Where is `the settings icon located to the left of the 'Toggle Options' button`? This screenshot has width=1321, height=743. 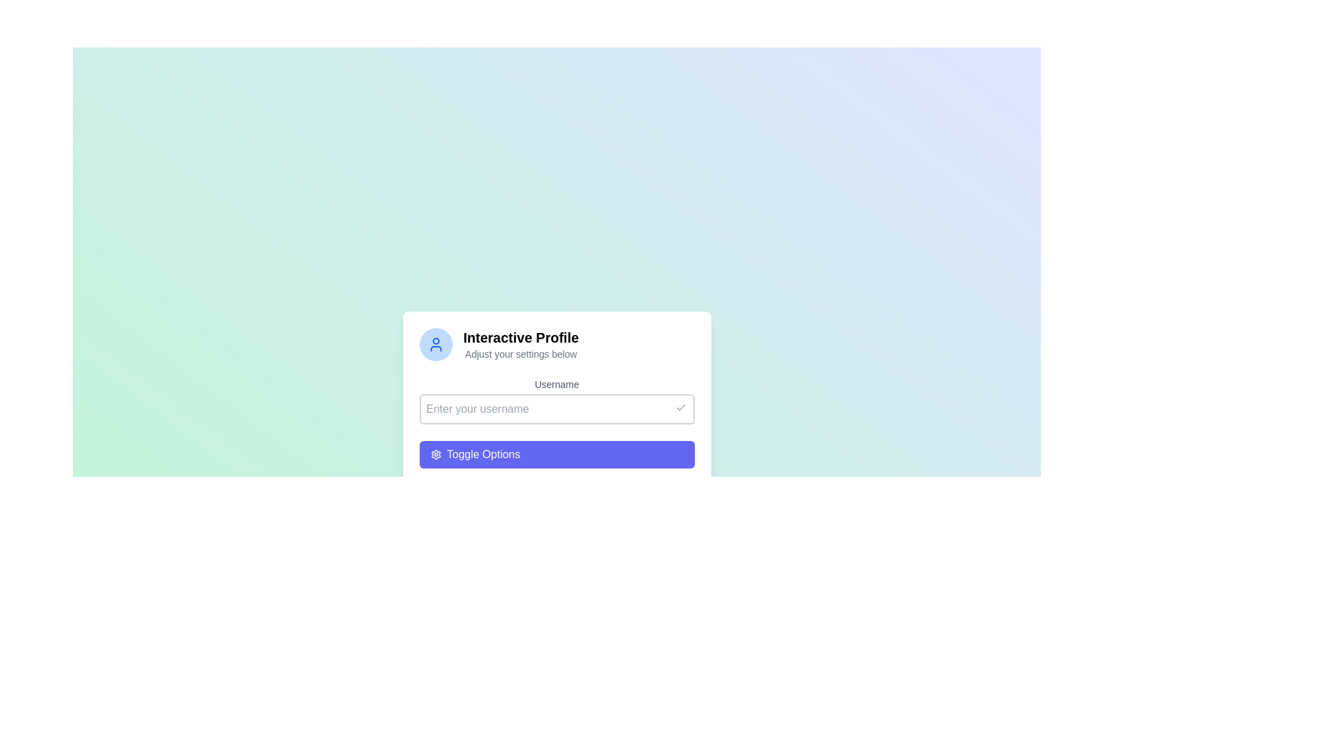 the settings icon located to the left of the 'Toggle Options' button is located at coordinates (435, 454).